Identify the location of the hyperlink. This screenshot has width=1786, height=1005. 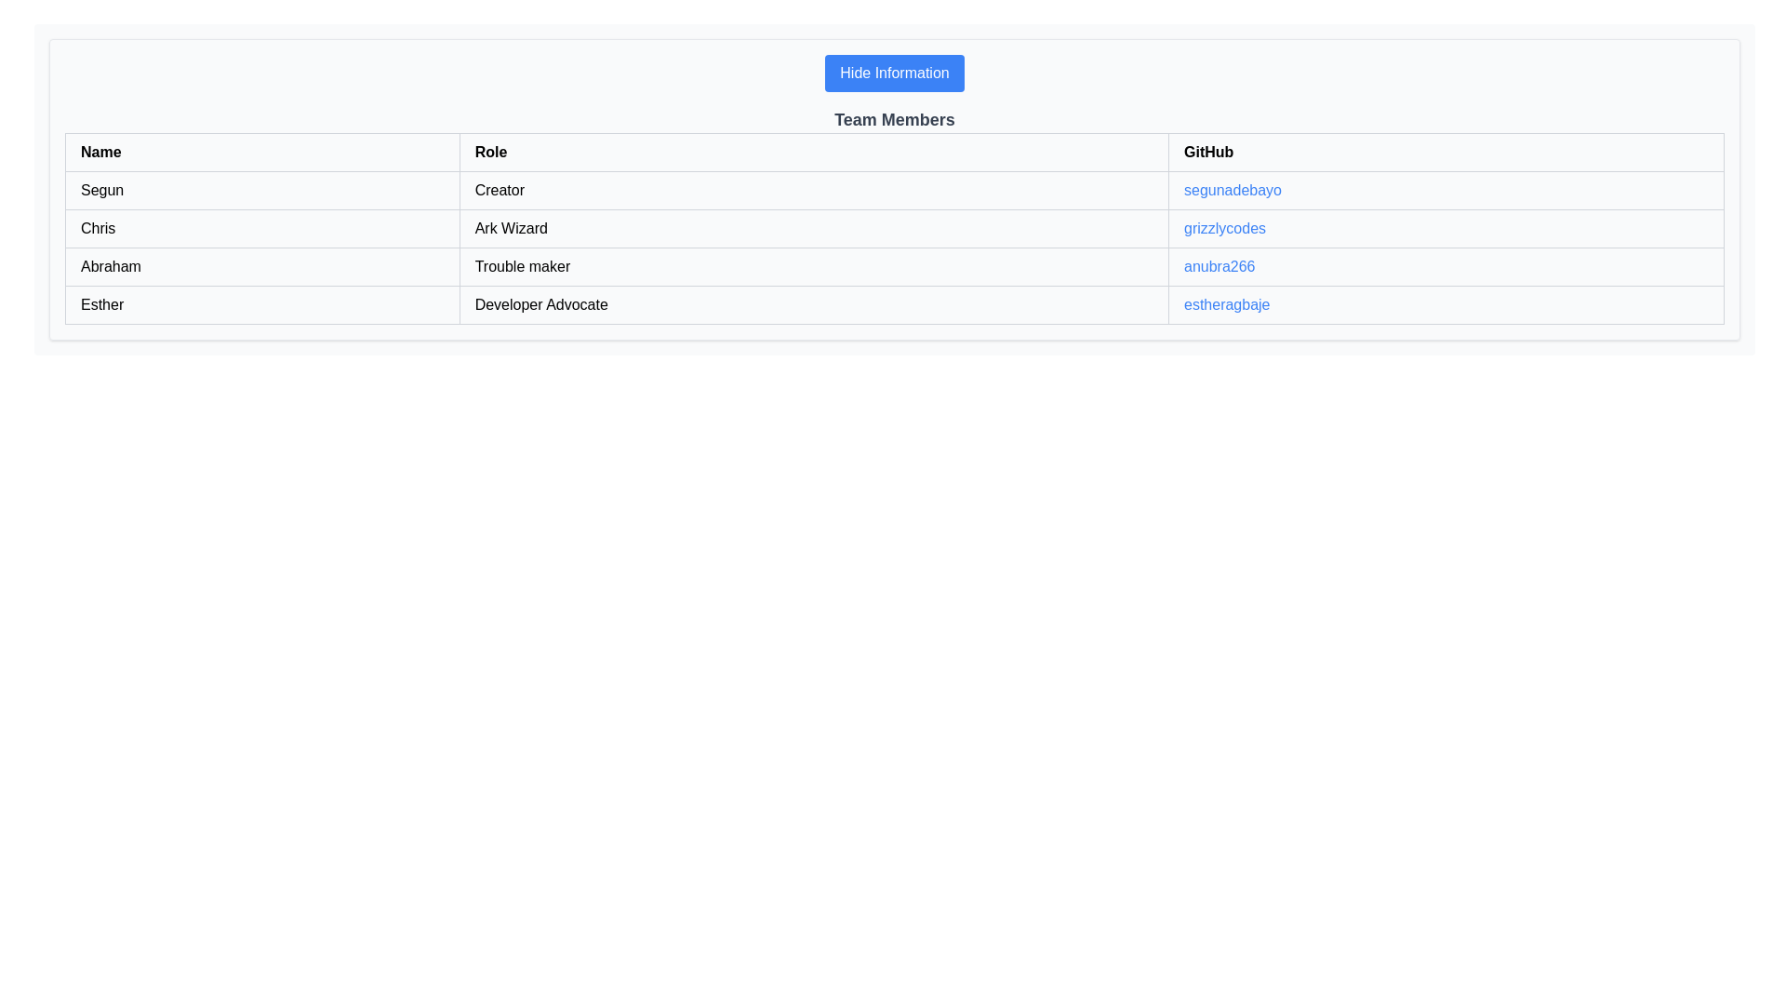
(1220, 266).